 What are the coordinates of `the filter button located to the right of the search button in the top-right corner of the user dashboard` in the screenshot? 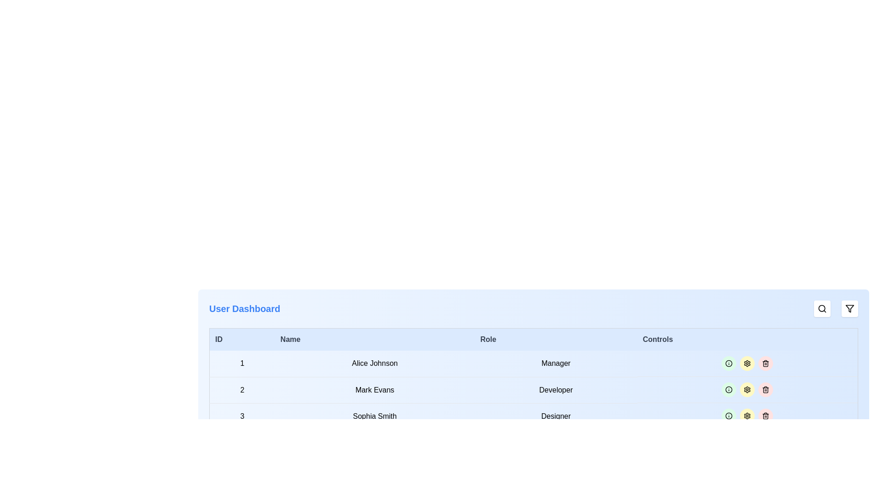 It's located at (849, 309).